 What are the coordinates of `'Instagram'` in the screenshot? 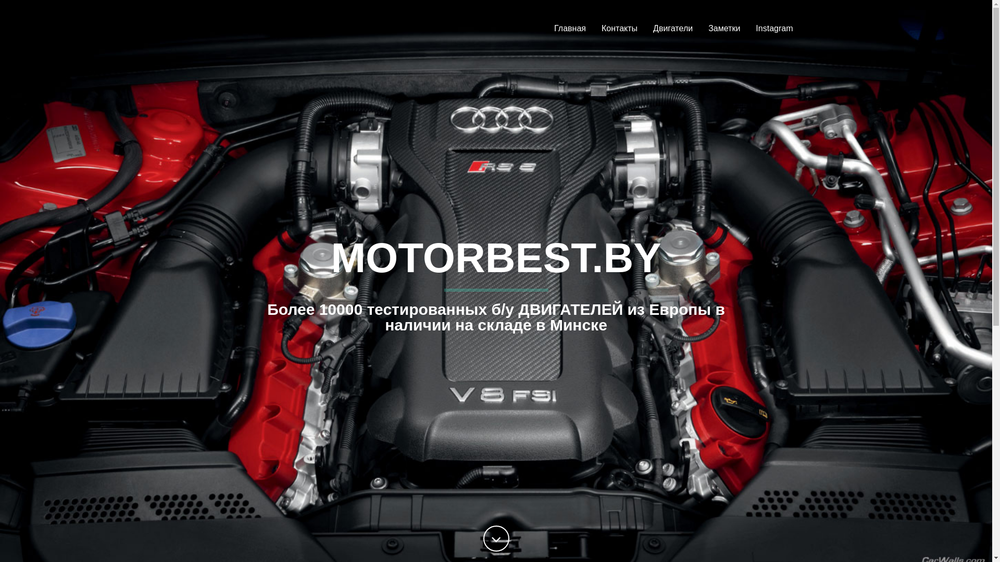 It's located at (774, 28).